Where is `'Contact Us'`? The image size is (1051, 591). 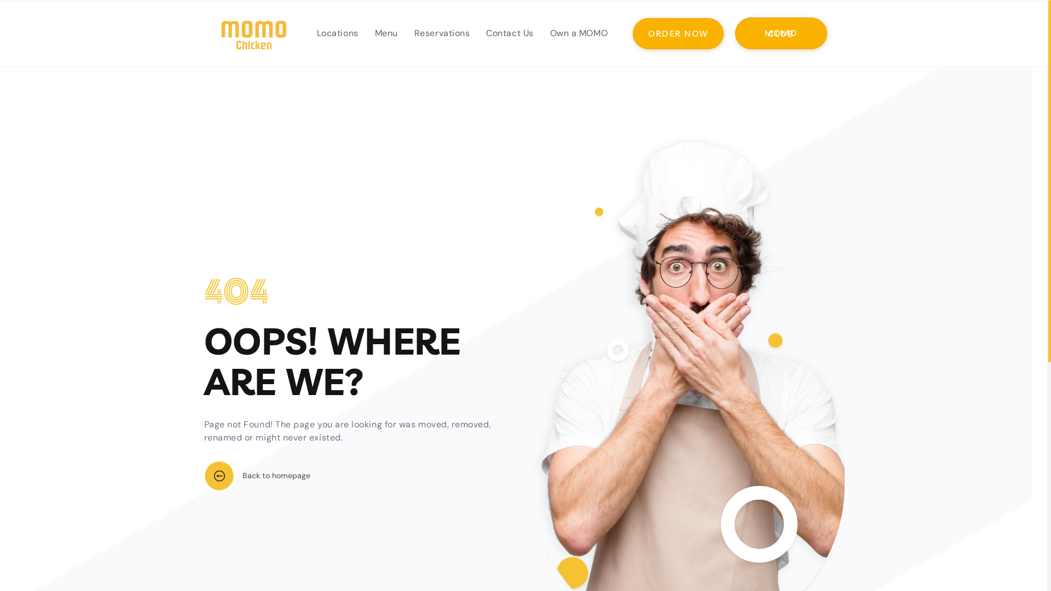
'Contact Us' is located at coordinates (478, 33).